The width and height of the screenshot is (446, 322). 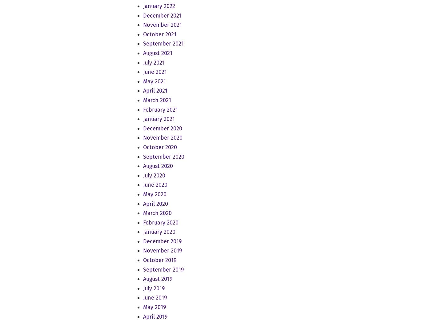 What do you see at coordinates (162, 138) in the screenshot?
I see `'November 2020'` at bounding box center [162, 138].